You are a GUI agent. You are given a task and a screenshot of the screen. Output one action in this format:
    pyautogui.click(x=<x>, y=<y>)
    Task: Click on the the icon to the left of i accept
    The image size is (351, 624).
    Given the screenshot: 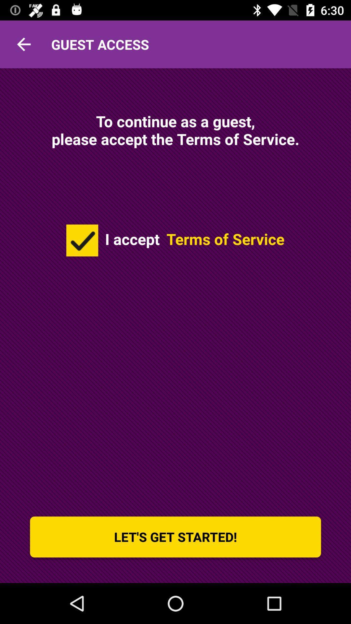 What is the action you would take?
    pyautogui.click(x=82, y=240)
    